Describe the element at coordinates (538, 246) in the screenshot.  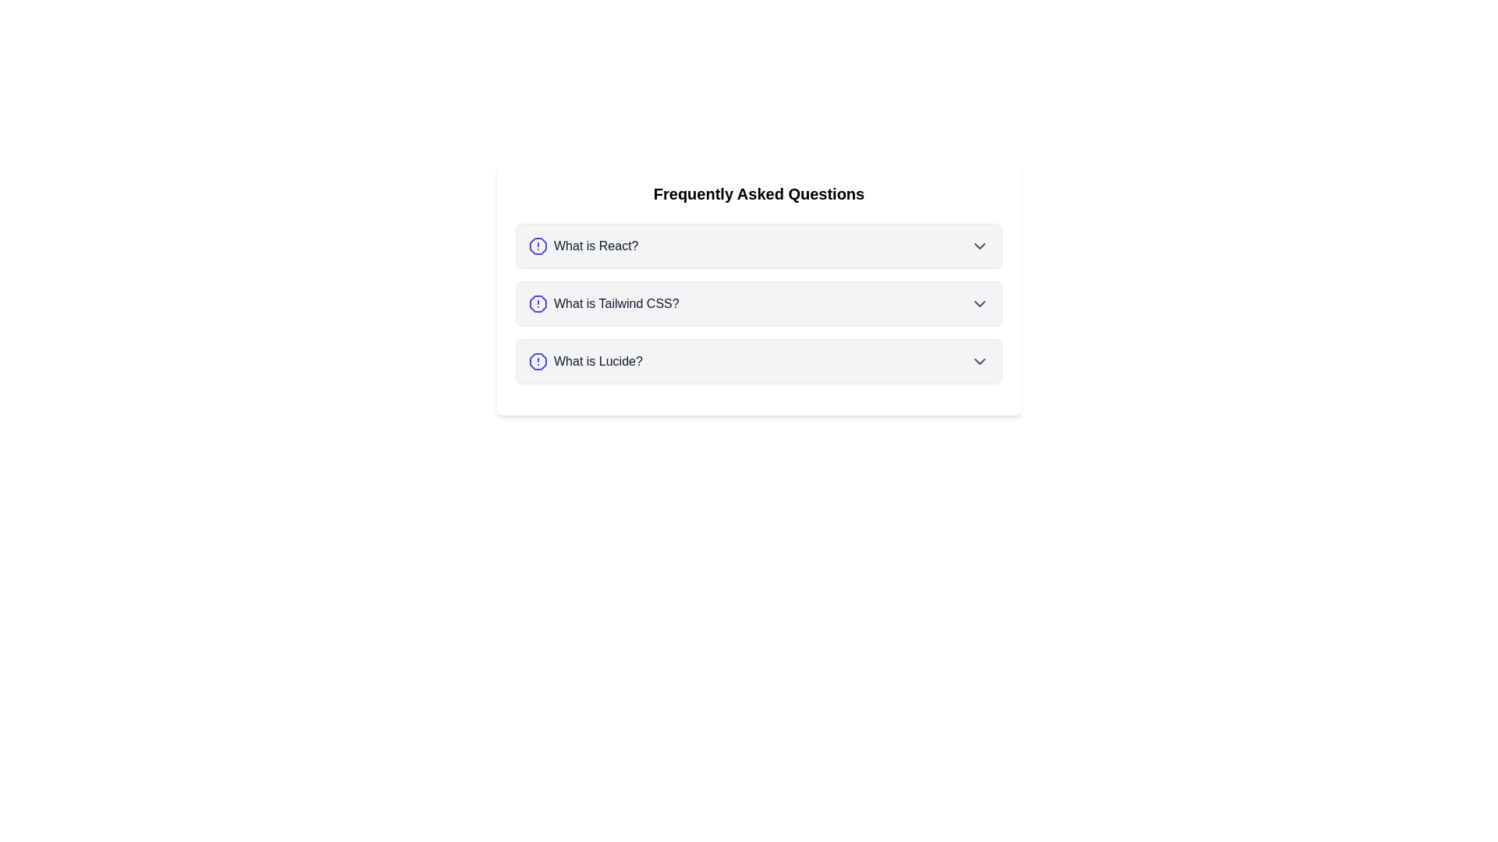
I see `the alert icon located to the left of the 'What is React?' question text in the FAQ list if it is interactive` at that location.